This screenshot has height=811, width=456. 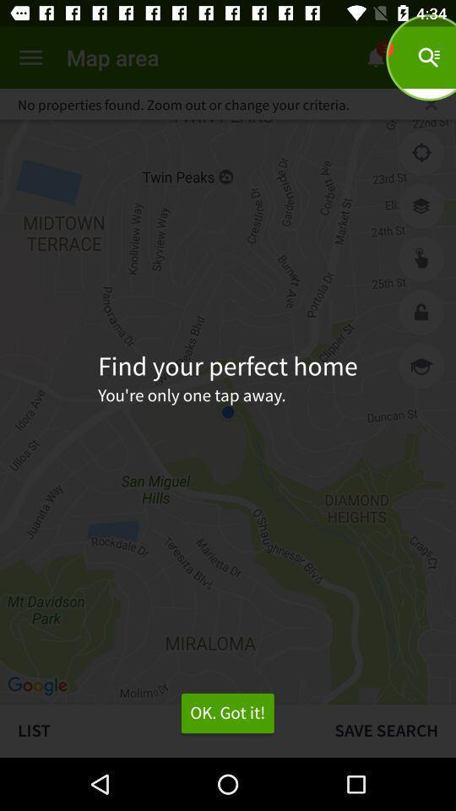 What do you see at coordinates (421, 259) in the screenshot?
I see `selects item` at bounding box center [421, 259].